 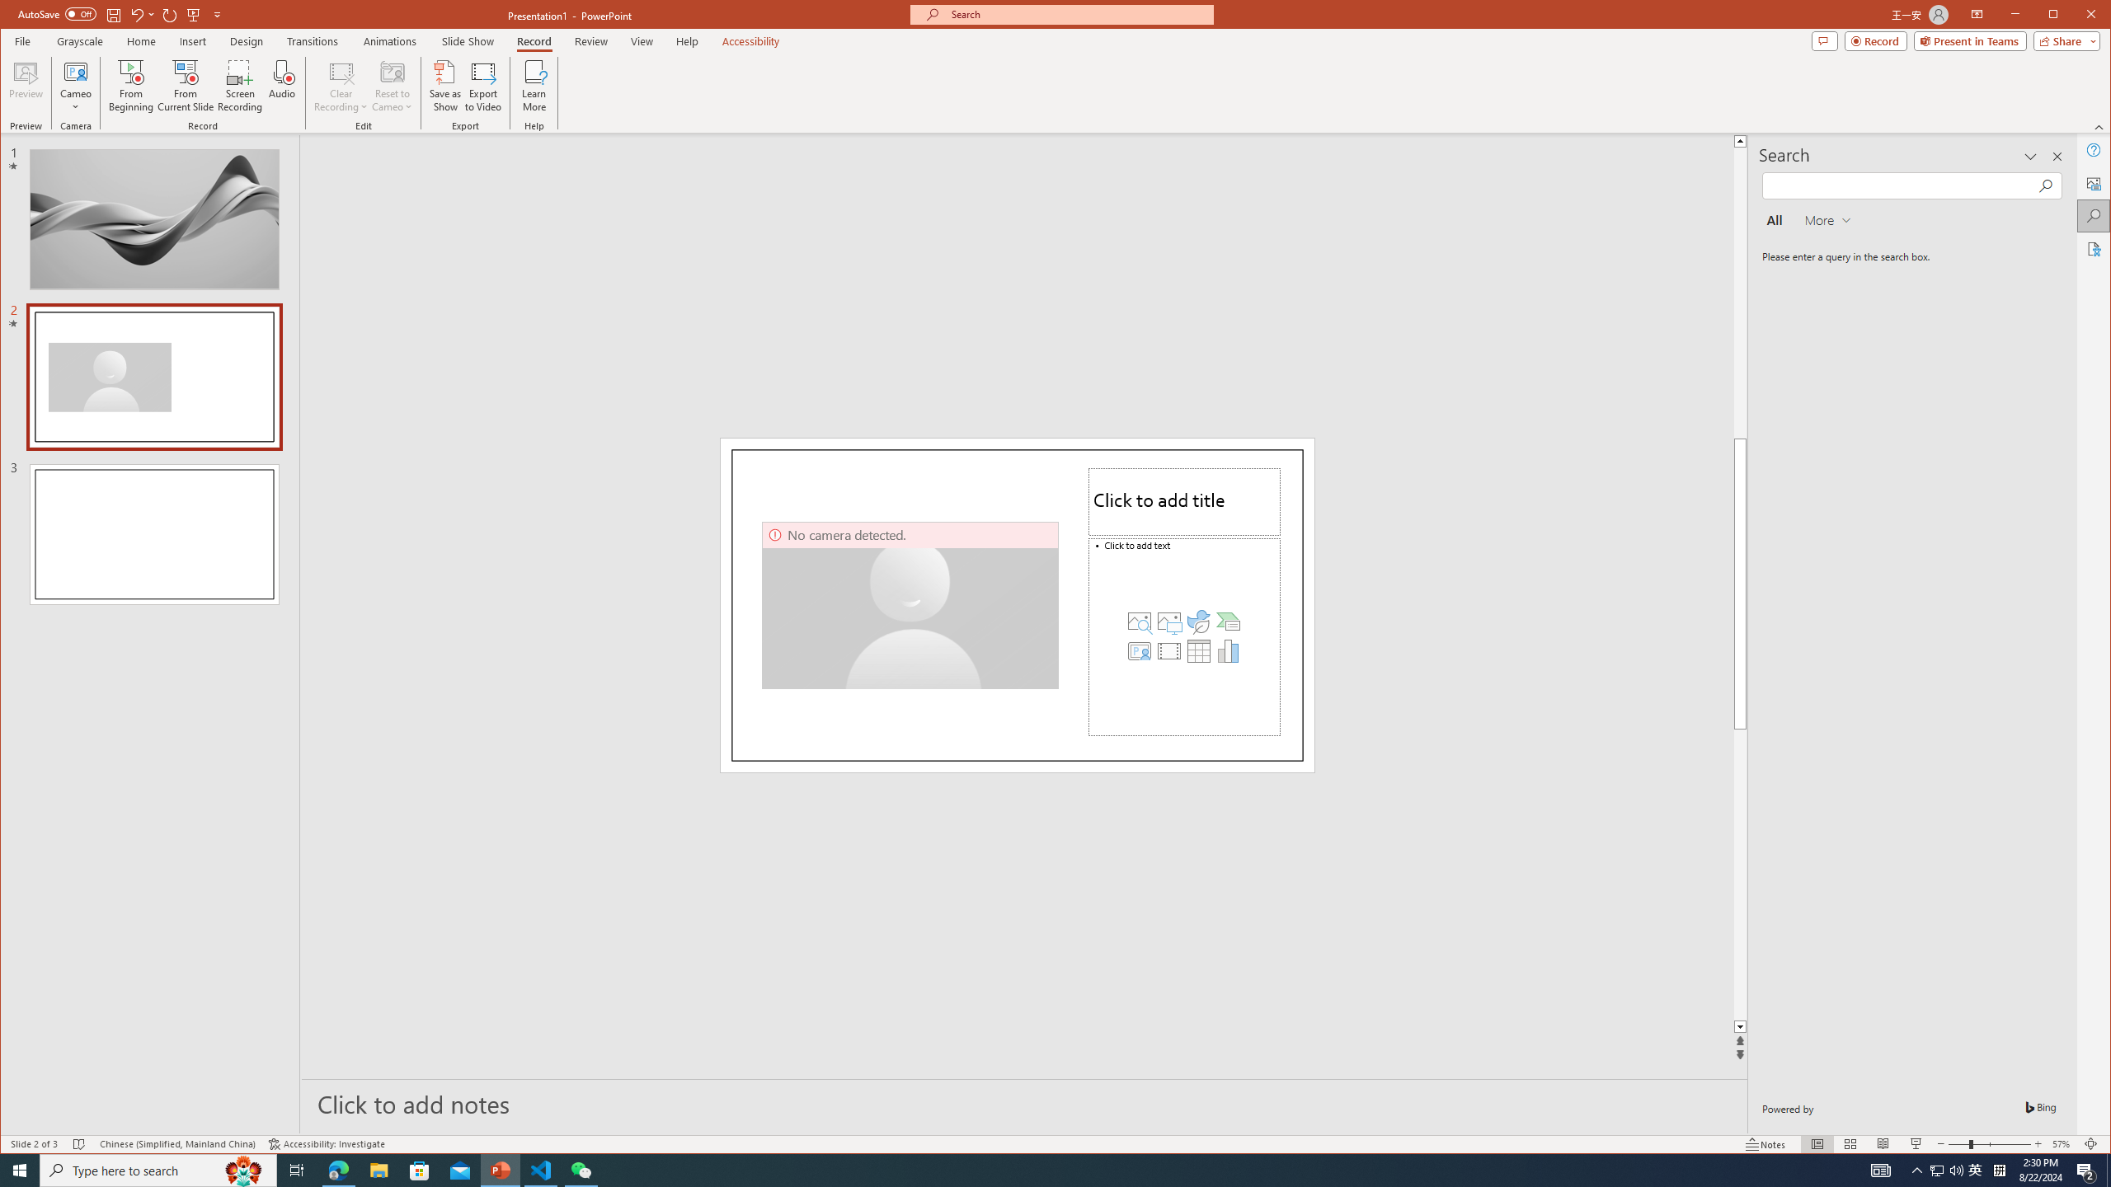 I want to click on 'WeChat - 1 running window', so click(x=581, y=1169).